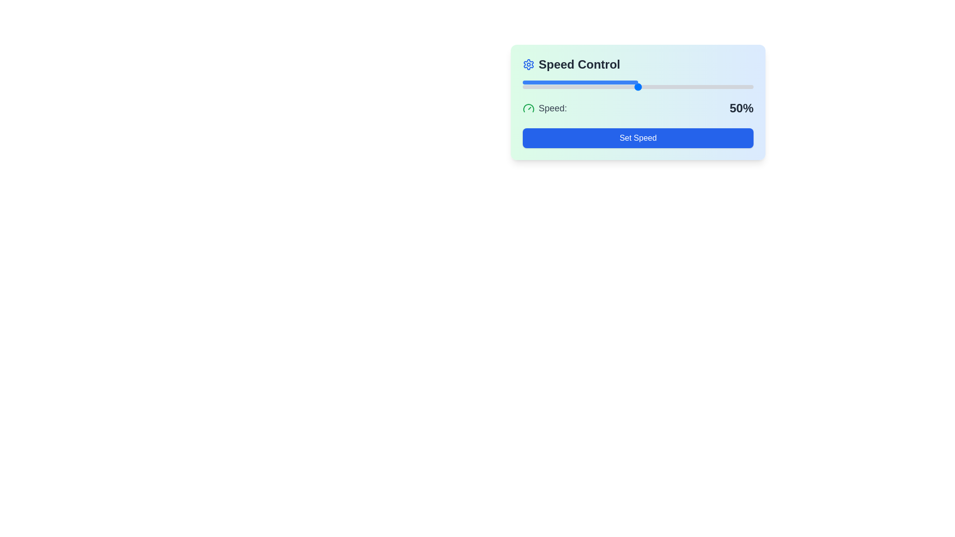 The height and width of the screenshot is (537, 955). Describe the element at coordinates (638, 138) in the screenshot. I see `the button with a blue background and white text reading 'Set Speed'` at that location.